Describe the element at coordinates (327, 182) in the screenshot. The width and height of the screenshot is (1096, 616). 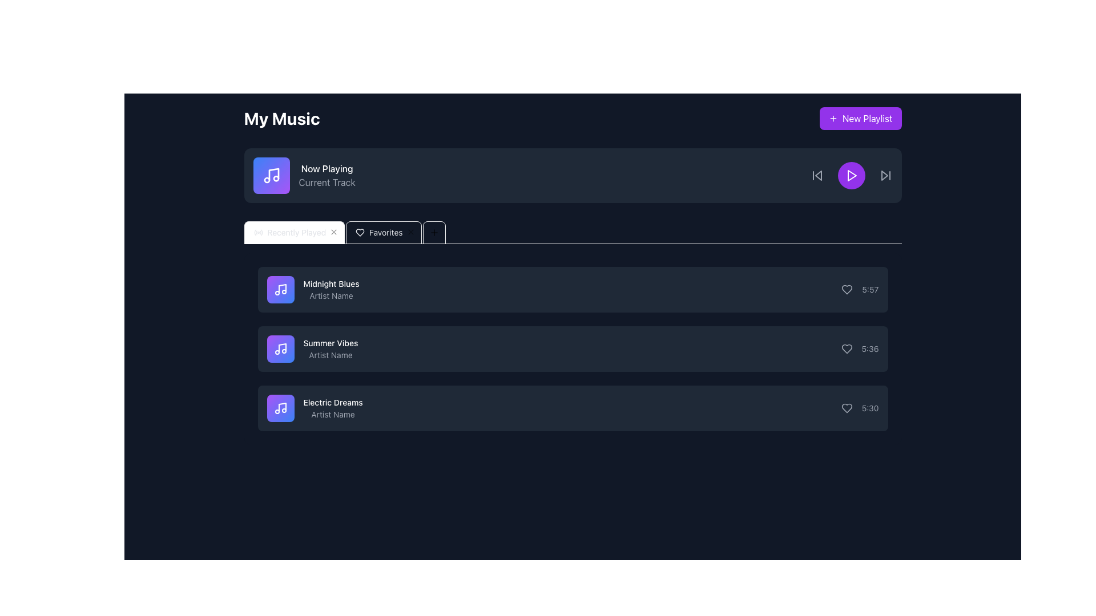
I see `the 'Current Track' text label, which is styled in gray and serves as supplementary information beneath the 'Now Playing' section` at that location.